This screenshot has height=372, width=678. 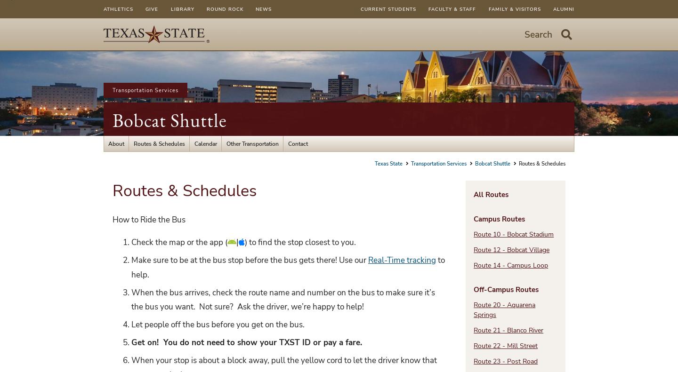 What do you see at coordinates (149, 219) in the screenshot?
I see `'How to Ride the Bus'` at bounding box center [149, 219].